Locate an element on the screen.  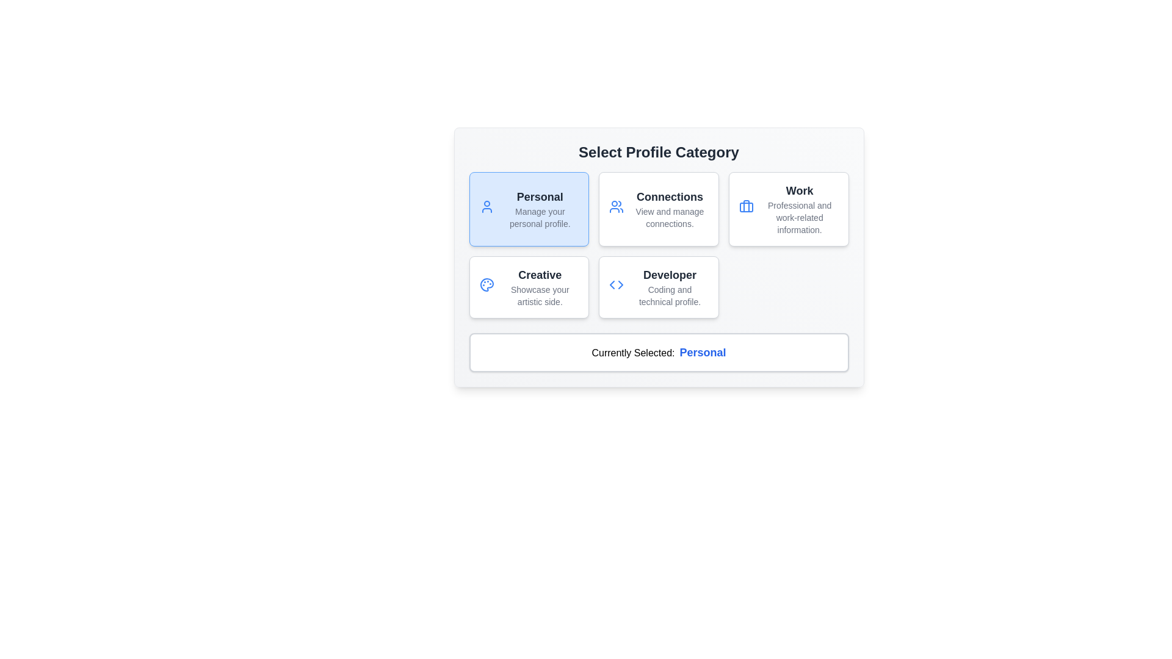
the blue vector icon depicting two stylized user silhouettes, which is the leftmost icon in the top row of the 'Connections' grid layout is located at coordinates (617, 209).